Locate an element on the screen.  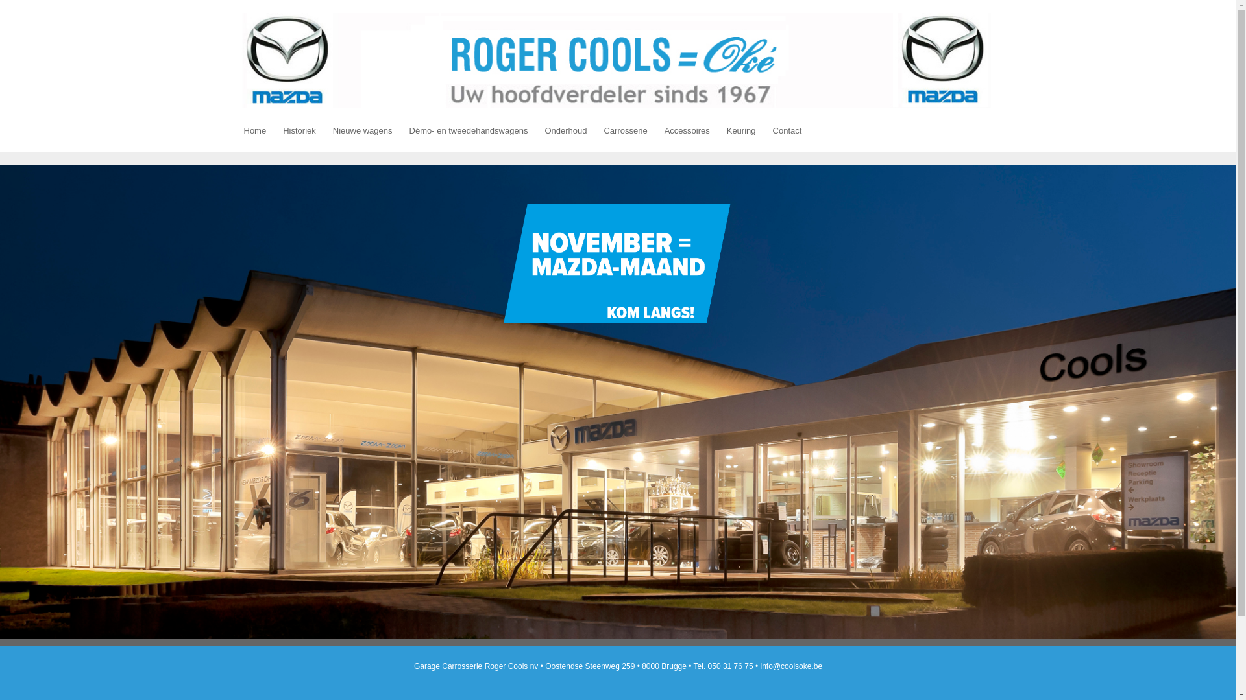
'Home' is located at coordinates (254, 131).